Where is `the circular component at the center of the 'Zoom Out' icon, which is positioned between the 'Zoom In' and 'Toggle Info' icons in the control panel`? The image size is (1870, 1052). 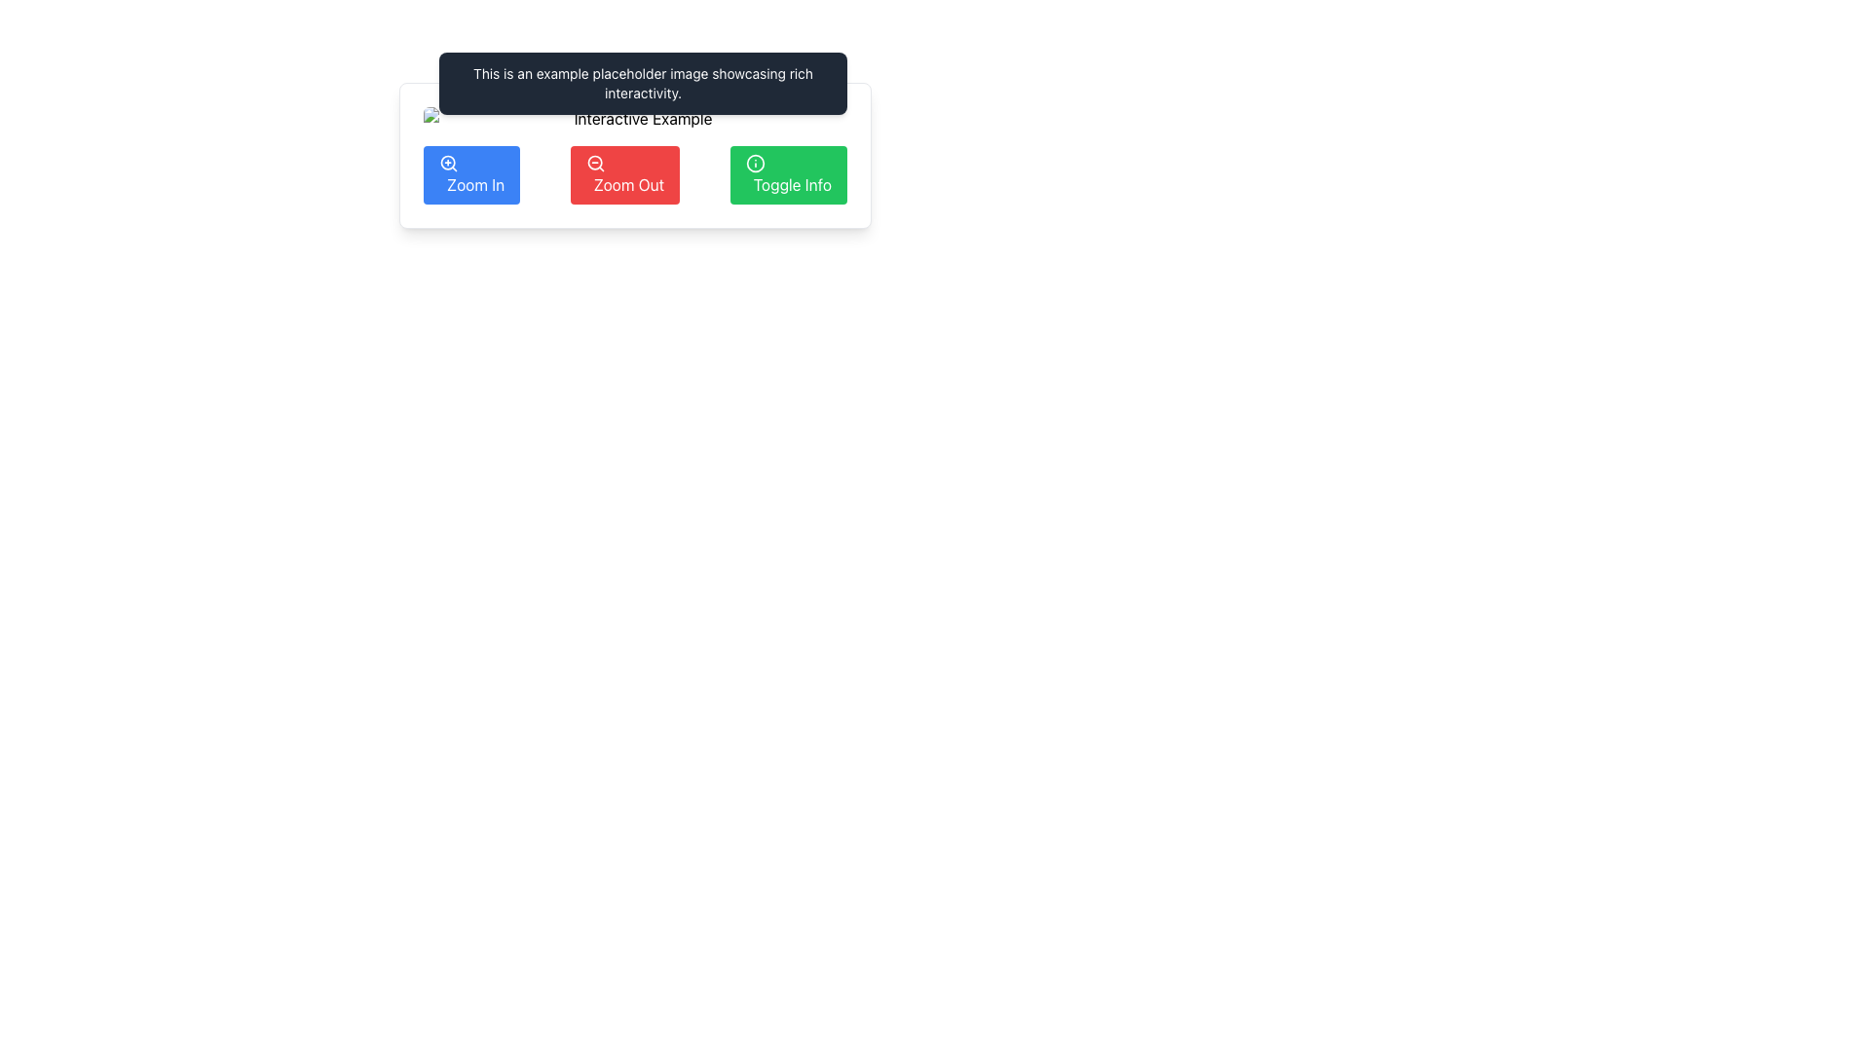 the circular component at the center of the 'Zoom Out' icon, which is positioned between the 'Zoom In' and 'Toggle Info' icons in the control panel is located at coordinates (593, 162).